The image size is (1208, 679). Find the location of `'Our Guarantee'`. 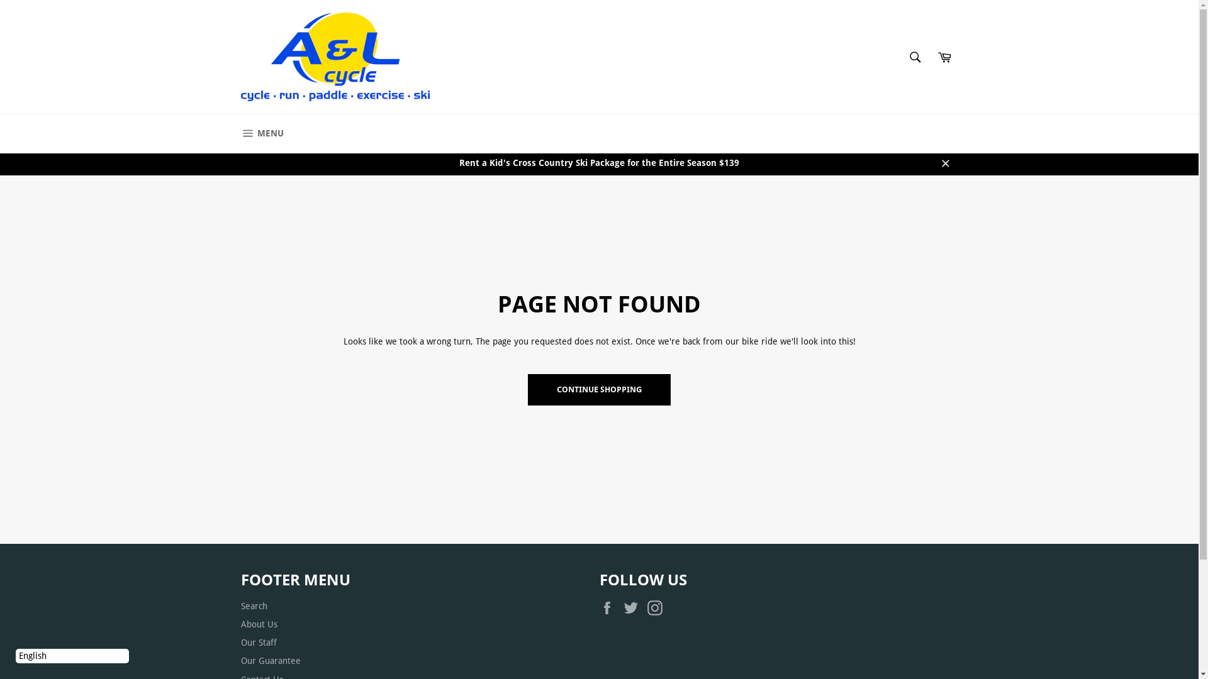

'Our Guarantee' is located at coordinates (269, 660).